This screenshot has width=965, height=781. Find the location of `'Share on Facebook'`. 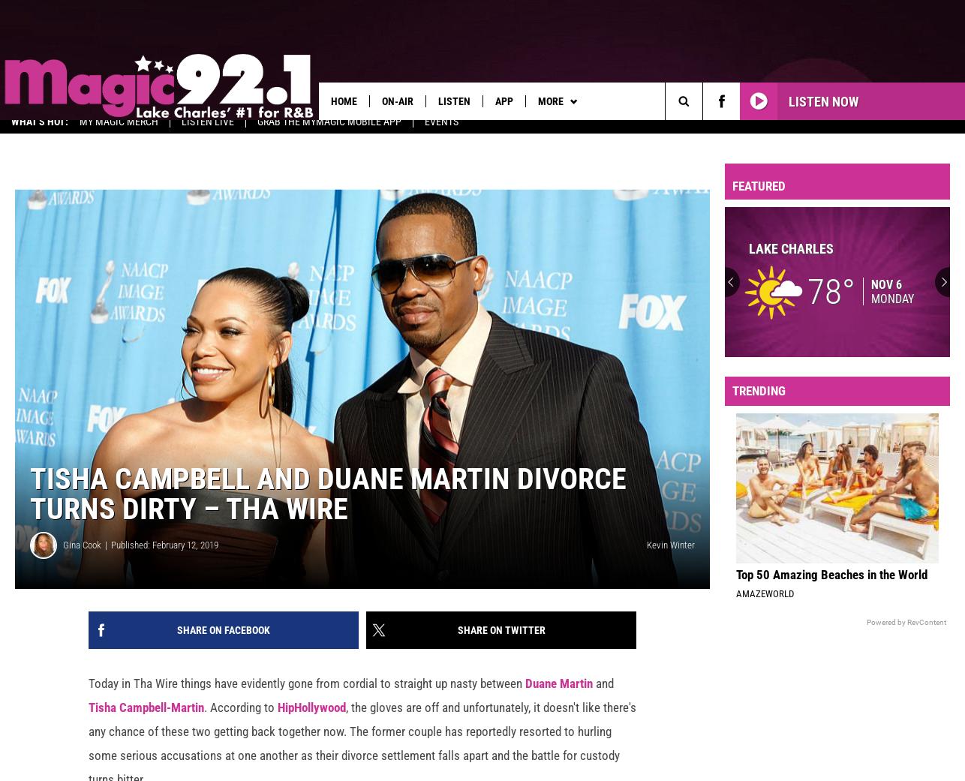

'Share on Facebook' is located at coordinates (223, 640).